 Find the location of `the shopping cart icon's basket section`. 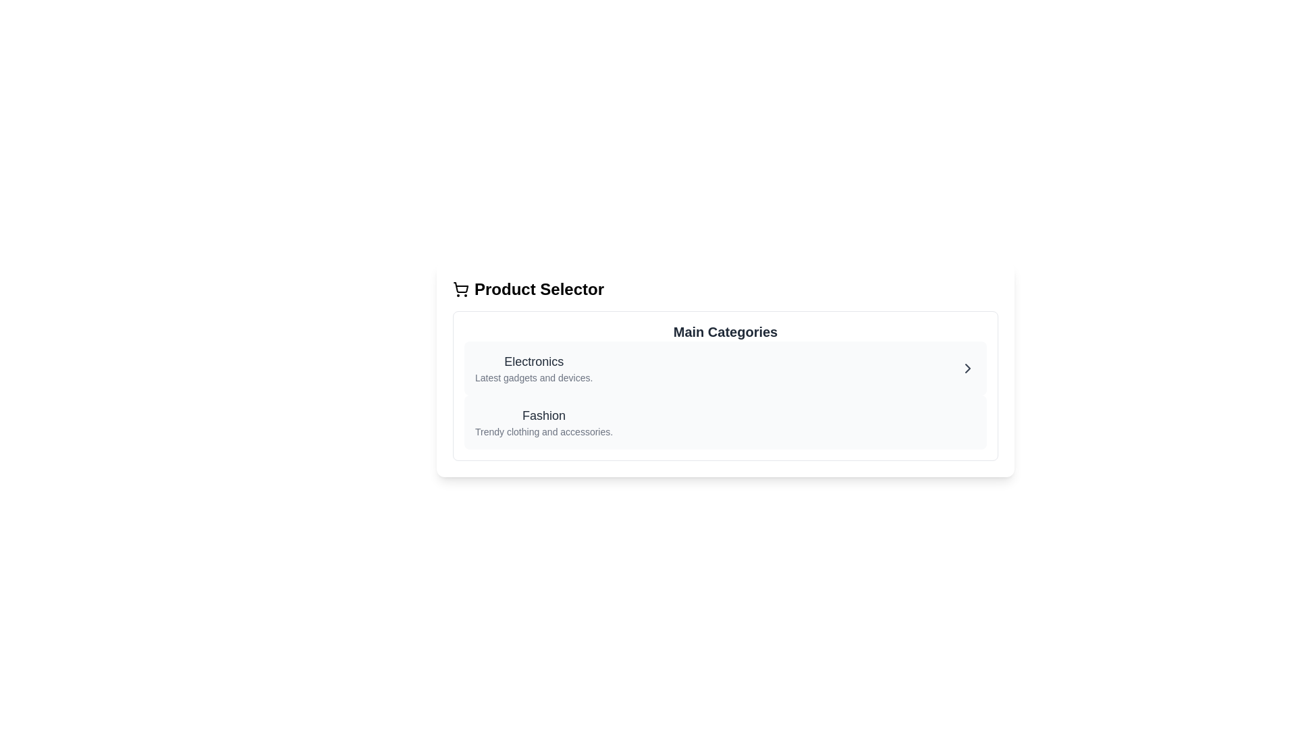

the shopping cart icon's basket section is located at coordinates (461, 287).